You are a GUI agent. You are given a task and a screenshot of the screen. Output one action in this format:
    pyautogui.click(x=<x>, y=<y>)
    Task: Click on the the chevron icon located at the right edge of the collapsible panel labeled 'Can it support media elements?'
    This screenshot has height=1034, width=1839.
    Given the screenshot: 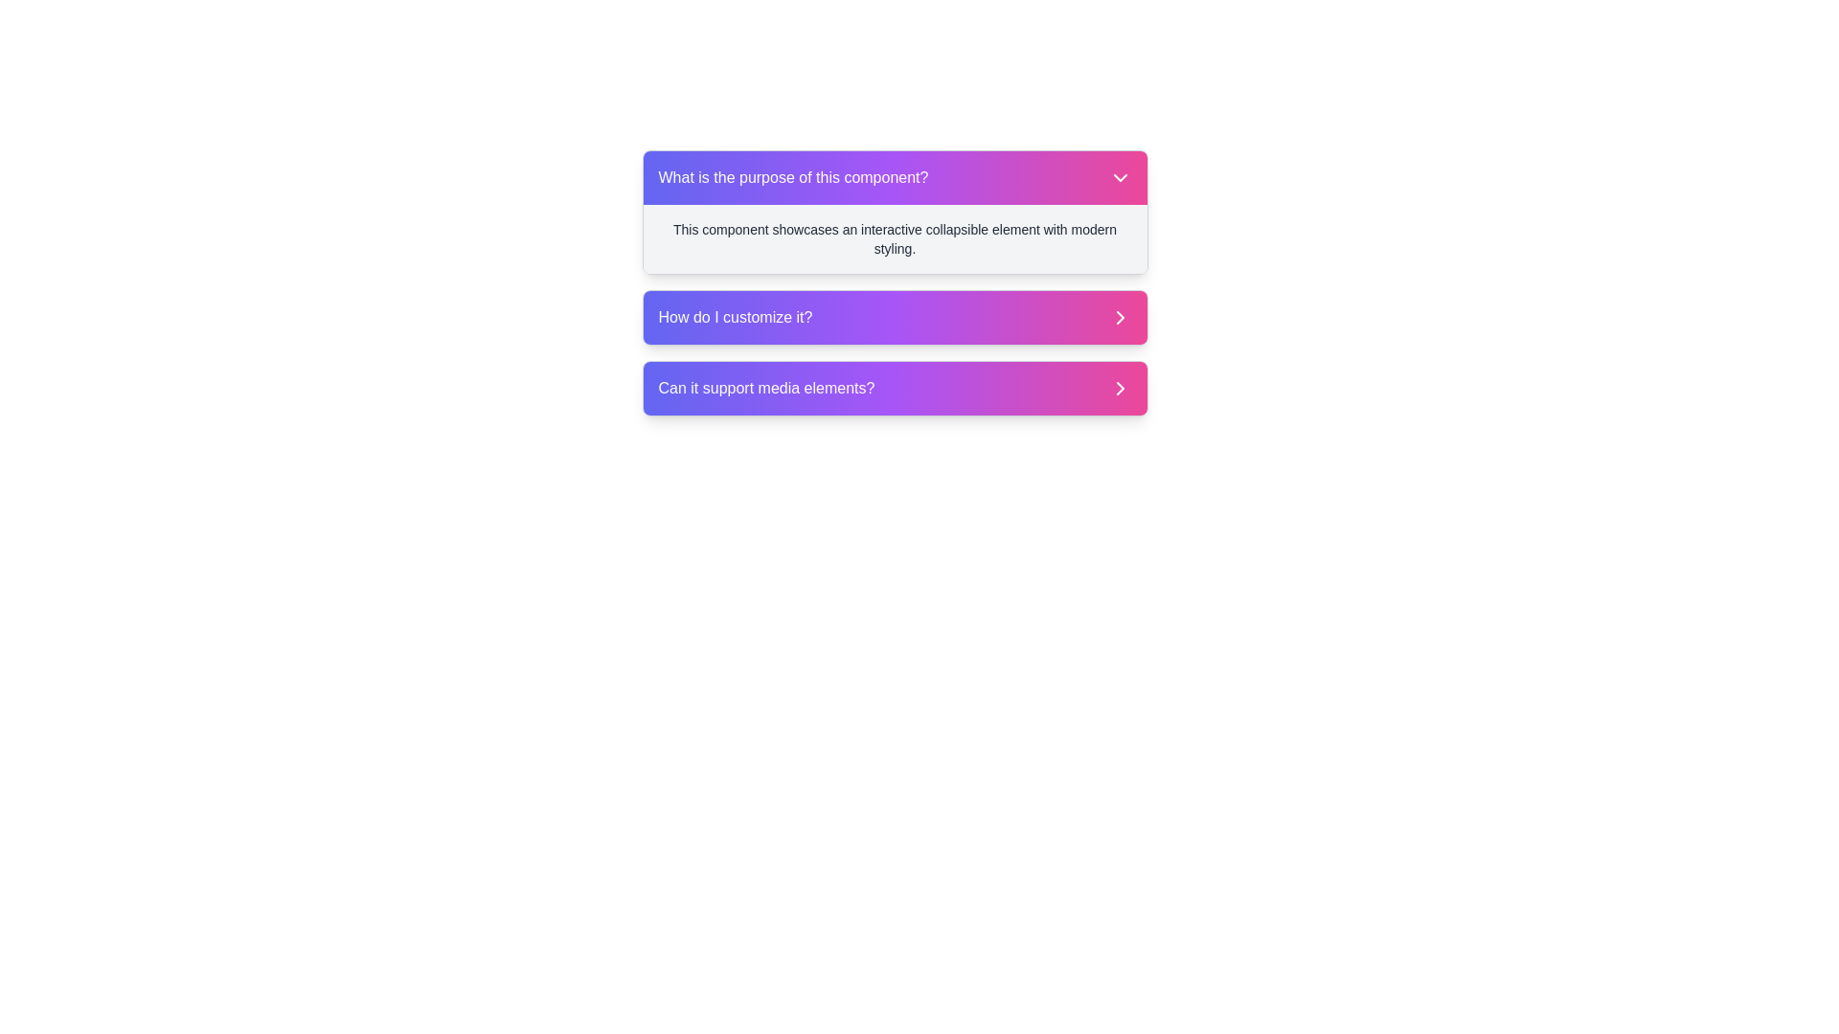 What is the action you would take?
    pyautogui.click(x=1120, y=388)
    